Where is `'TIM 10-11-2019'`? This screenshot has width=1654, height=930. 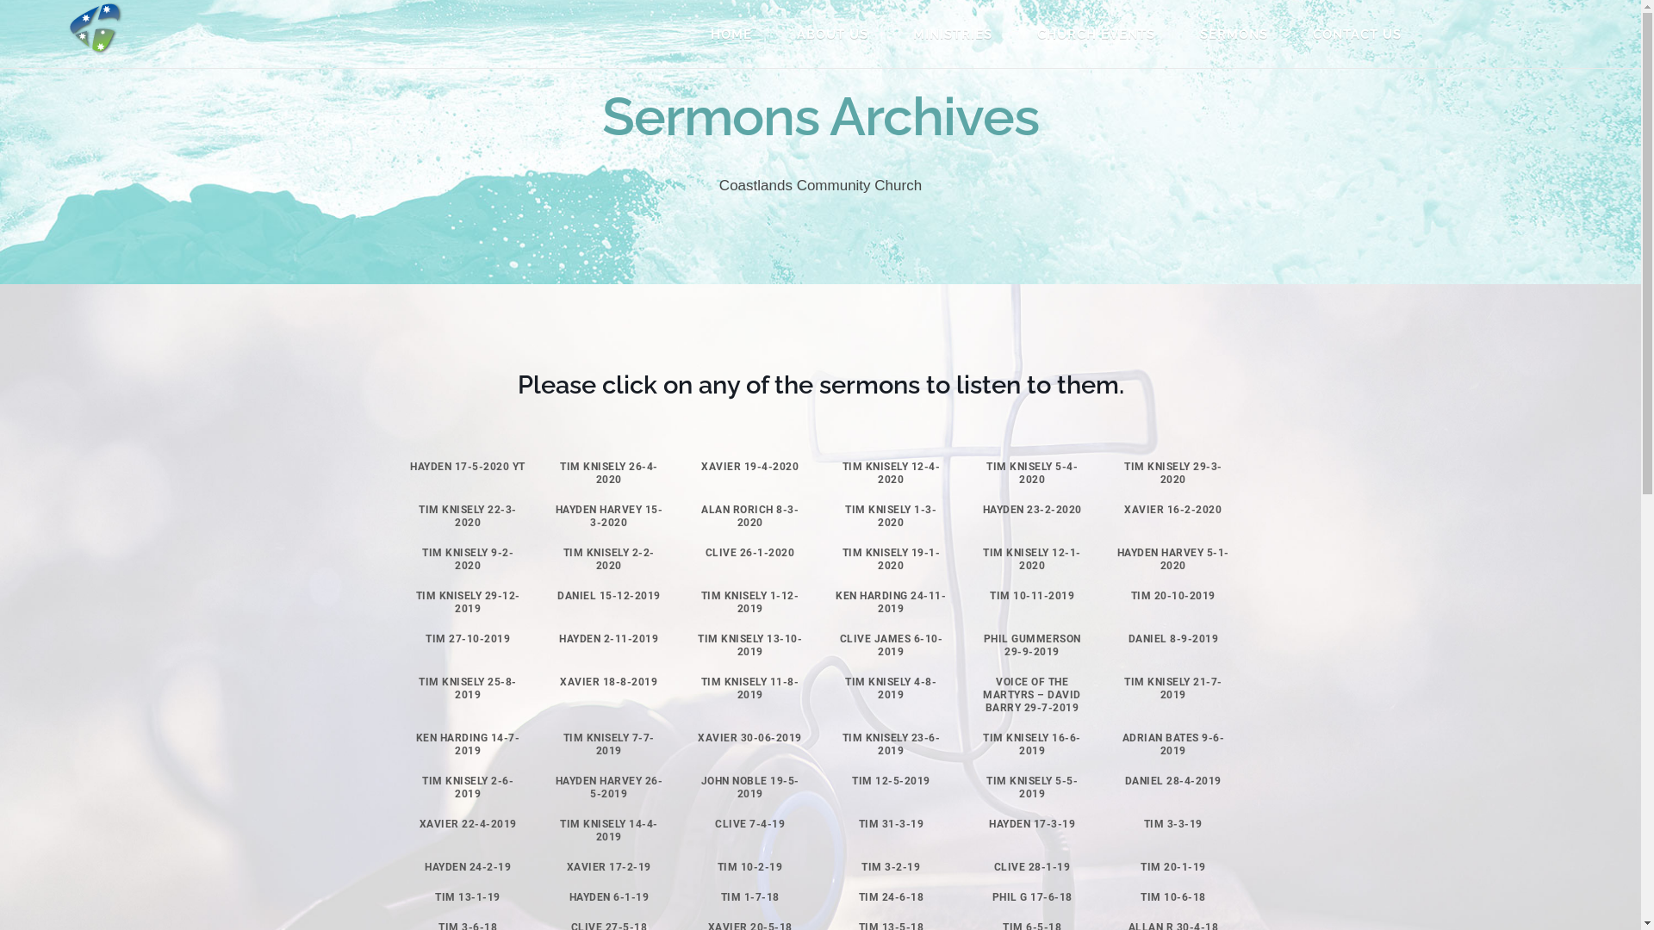 'TIM 10-11-2019' is located at coordinates (1032, 594).